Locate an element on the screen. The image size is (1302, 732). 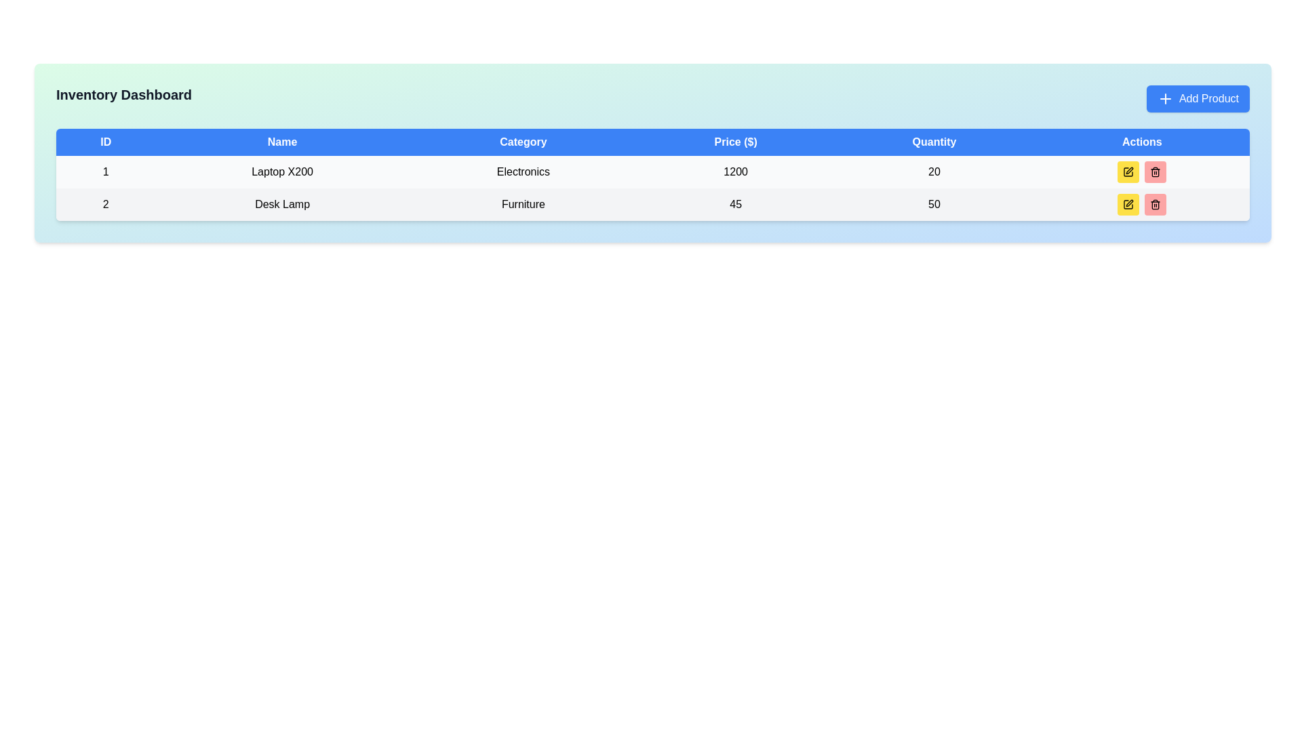
the first row of the inventory data table is located at coordinates (653, 171).